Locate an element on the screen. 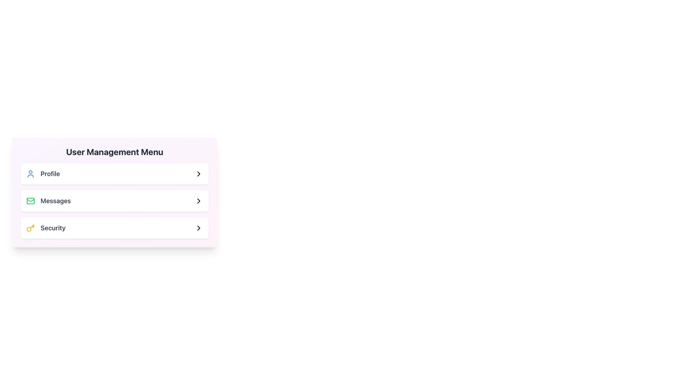  the 'Security' menu option, which is the third item in the User Management Menu is located at coordinates (114, 228).